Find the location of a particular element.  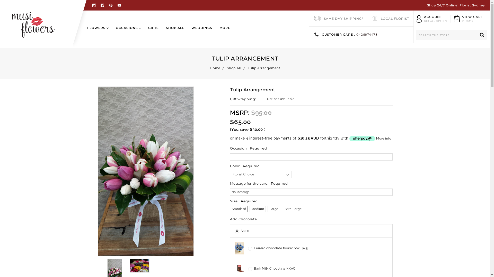

'WEDDINGS' is located at coordinates (201, 32).